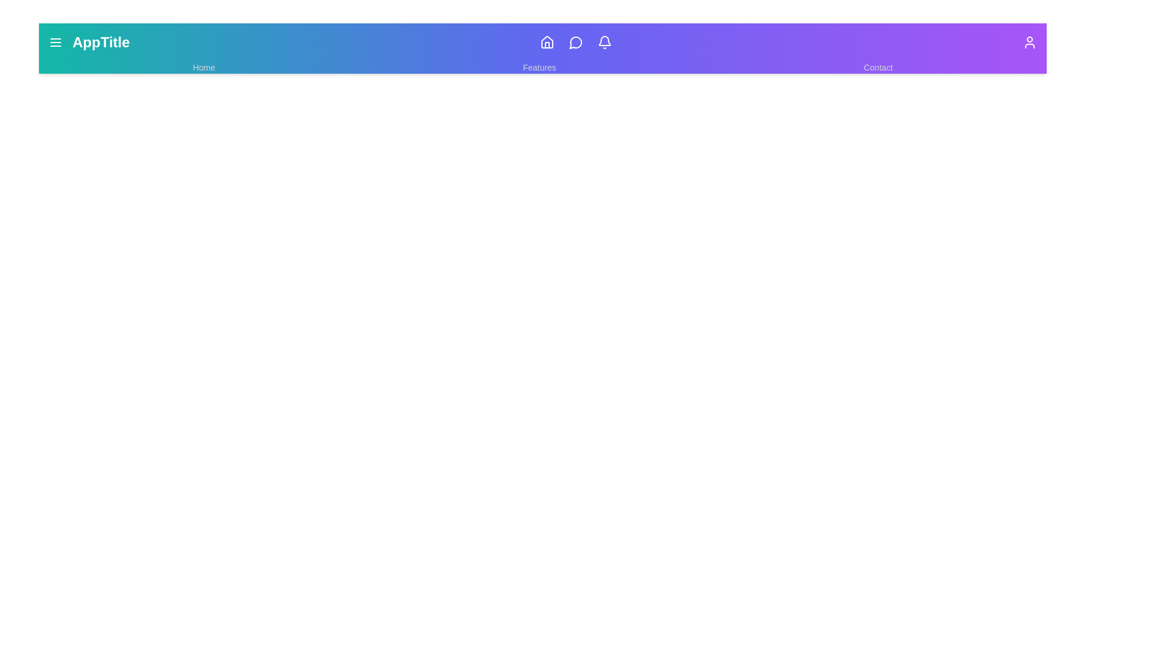 This screenshot has height=647, width=1151. What do you see at coordinates (539, 67) in the screenshot?
I see `the 'Features' link to navigate to the Features page` at bounding box center [539, 67].